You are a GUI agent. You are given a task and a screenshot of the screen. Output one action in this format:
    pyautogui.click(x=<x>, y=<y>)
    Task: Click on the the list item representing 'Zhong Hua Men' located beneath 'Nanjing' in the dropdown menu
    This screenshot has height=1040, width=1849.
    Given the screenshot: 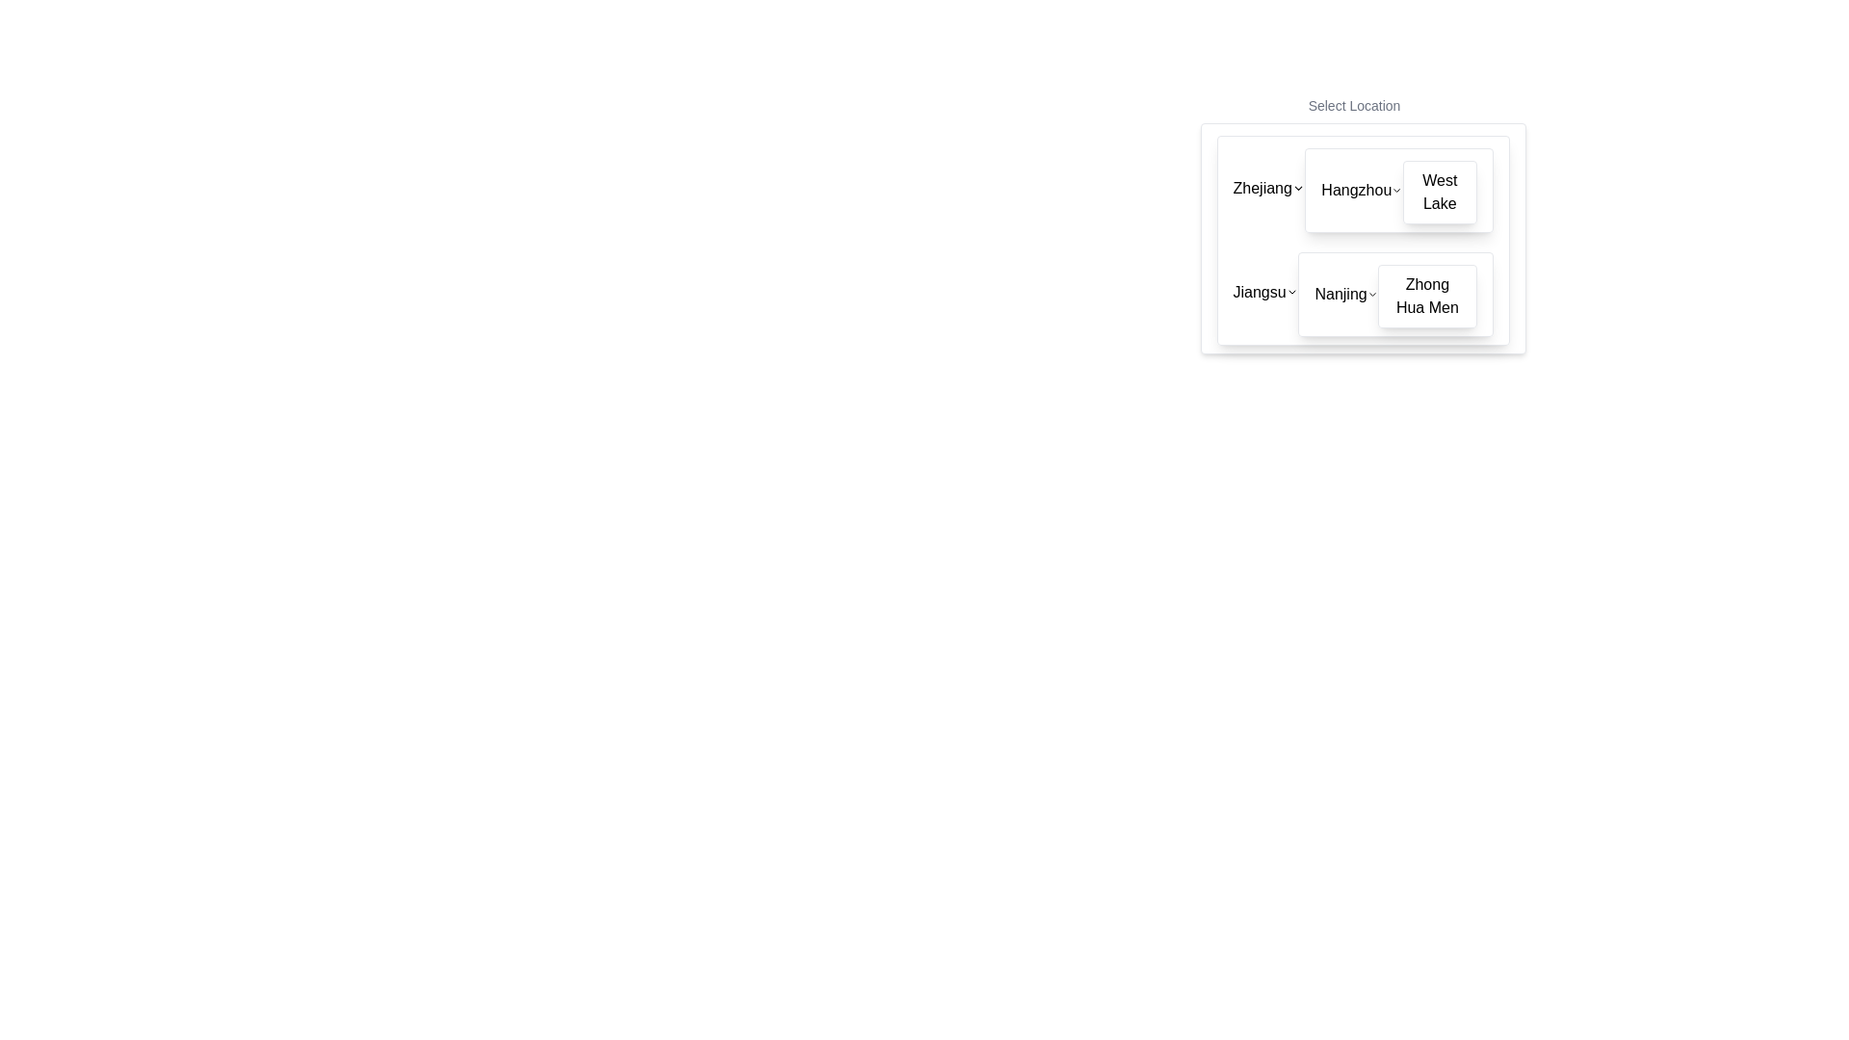 What is the action you would take?
    pyautogui.click(x=1395, y=294)
    